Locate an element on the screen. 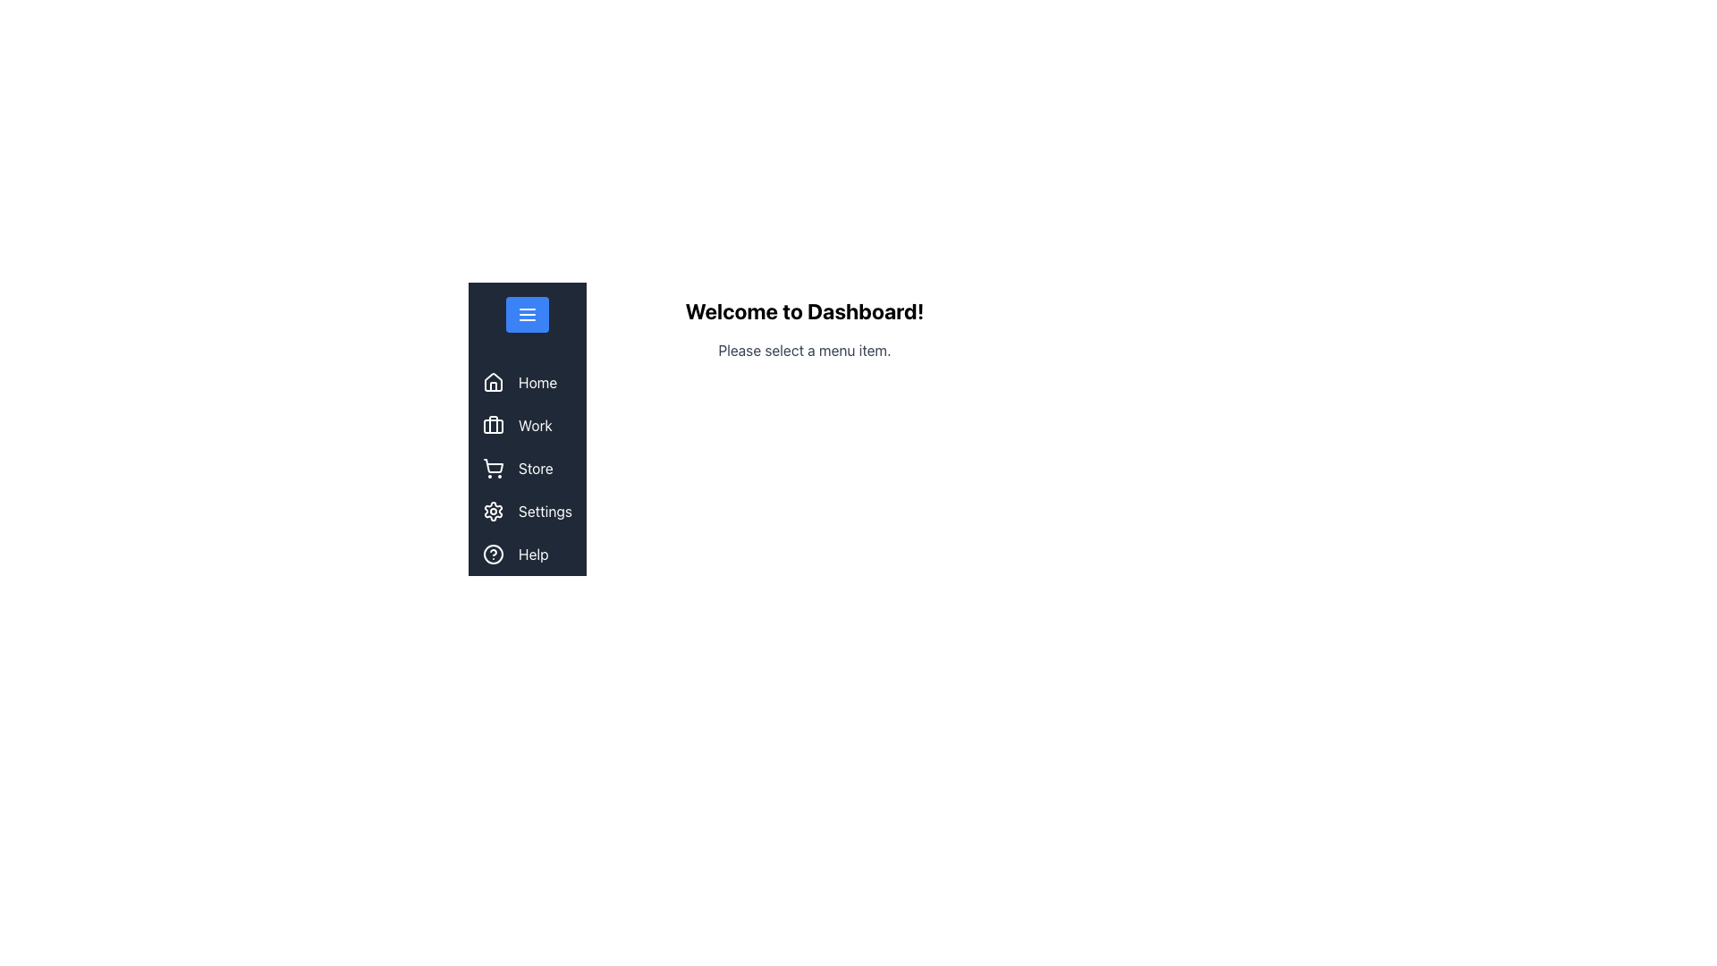 This screenshot has width=1717, height=966. the circular help icon with a question mark inside, located at the bottom of the vertical navigation menu is located at coordinates (494, 554).